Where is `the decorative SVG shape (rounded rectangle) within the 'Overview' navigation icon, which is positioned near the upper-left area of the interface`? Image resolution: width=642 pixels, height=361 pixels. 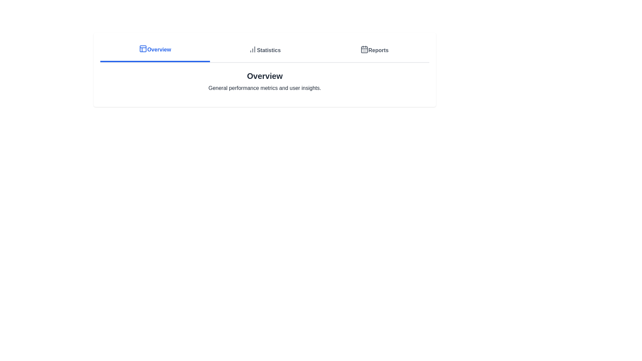
the decorative SVG shape (rounded rectangle) within the 'Overview' navigation icon, which is positioned near the upper-left area of the interface is located at coordinates (143, 48).